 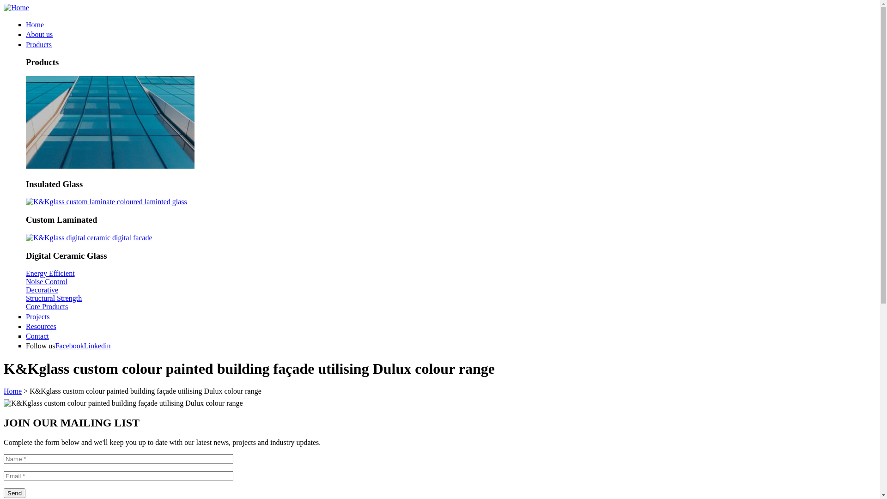 What do you see at coordinates (41, 326) in the screenshot?
I see `'Resources'` at bounding box center [41, 326].